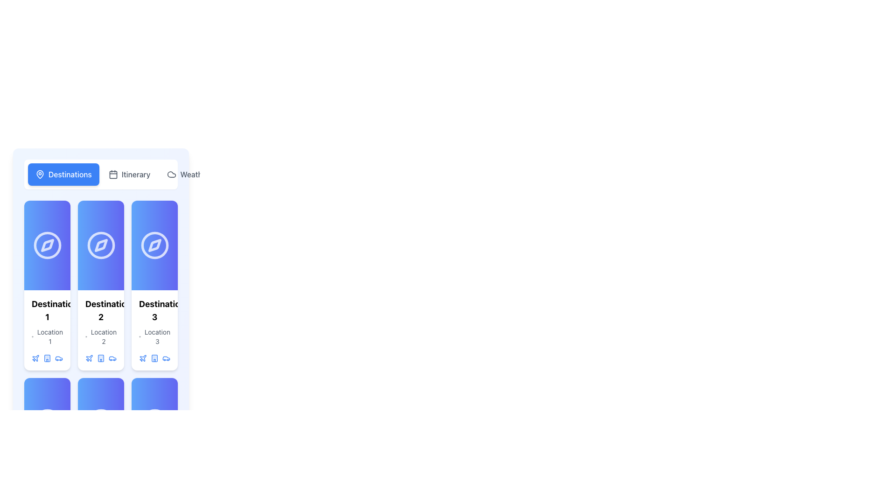  I want to click on the icon located, so click(101, 357).